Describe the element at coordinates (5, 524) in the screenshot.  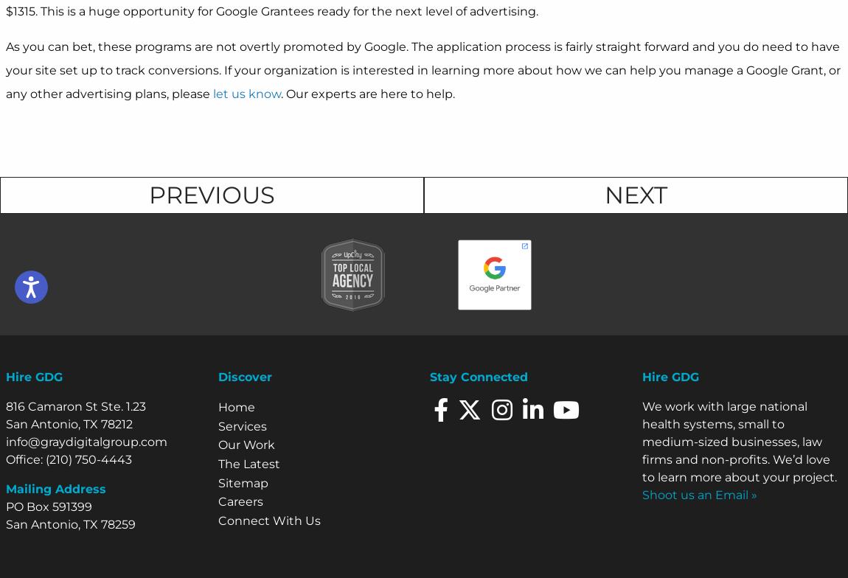
I see `'San Antonio, TX 78259'` at that location.